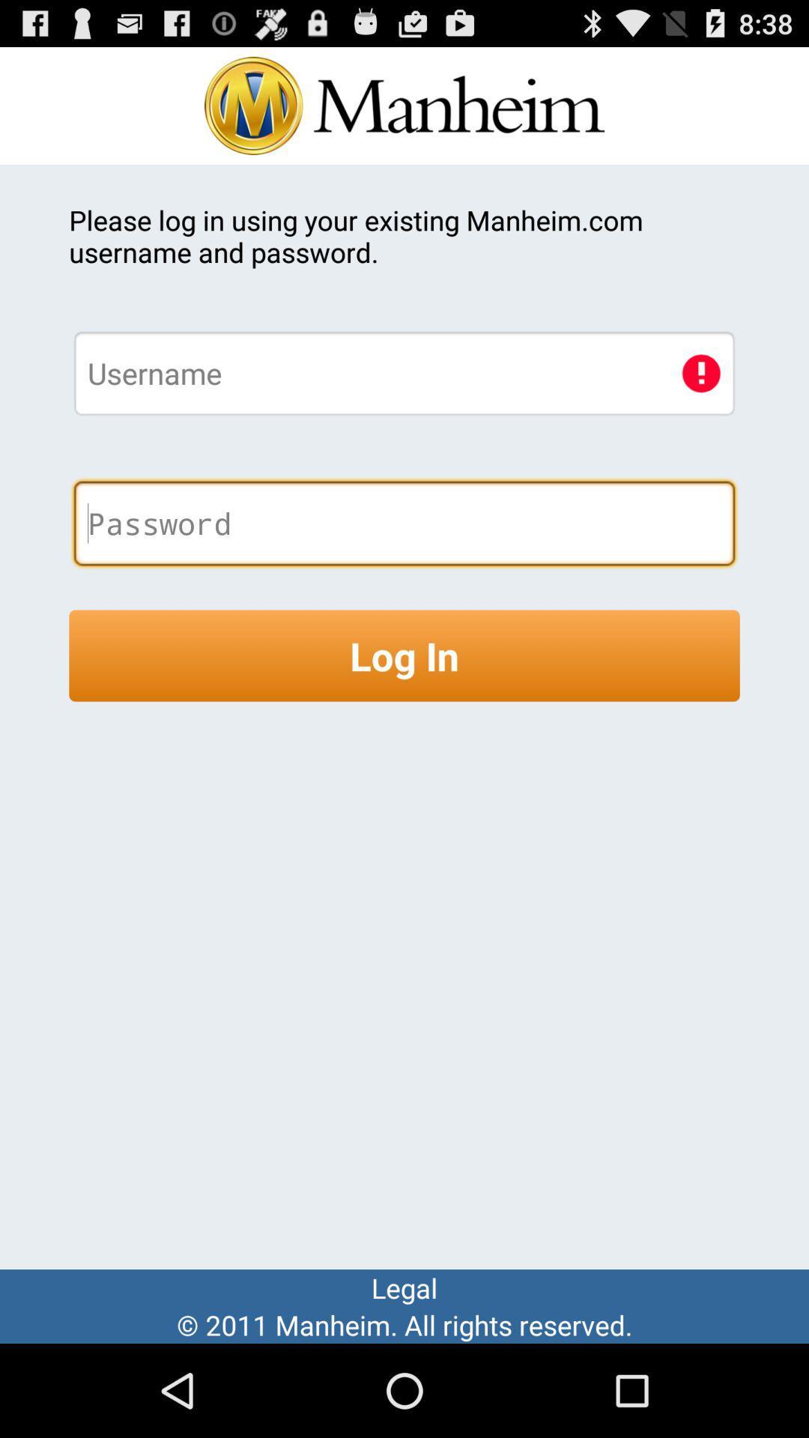 The height and width of the screenshot is (1438, 809). Describe the element at coordinates (404, 1287) in the screenshot. I see `the icon below log in item` at that location.